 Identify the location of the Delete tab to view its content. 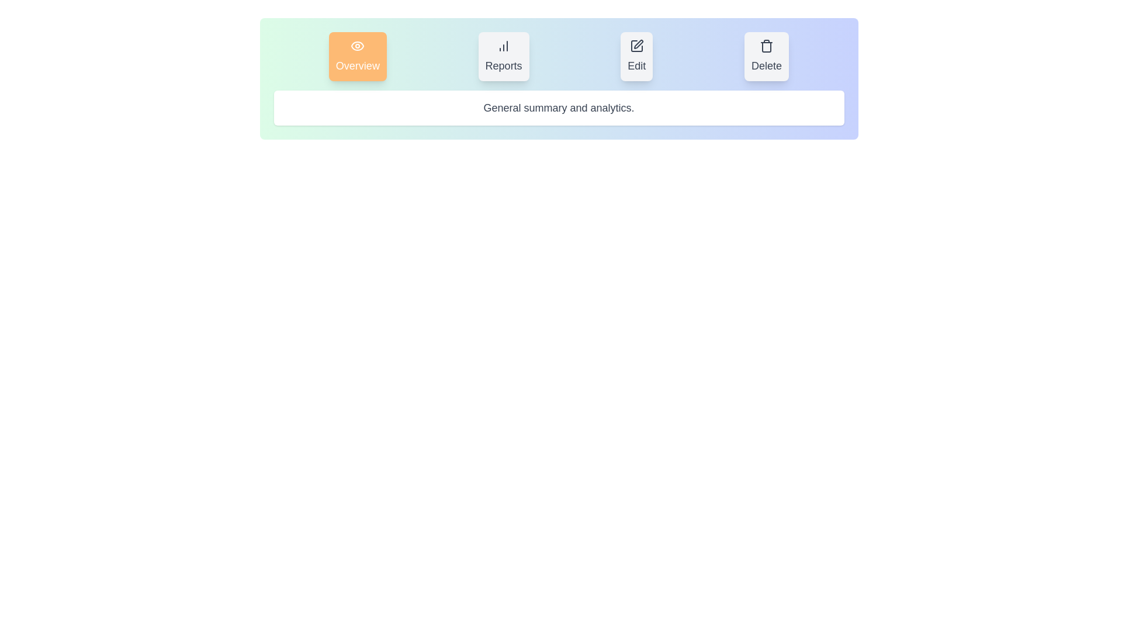
(767, 56).